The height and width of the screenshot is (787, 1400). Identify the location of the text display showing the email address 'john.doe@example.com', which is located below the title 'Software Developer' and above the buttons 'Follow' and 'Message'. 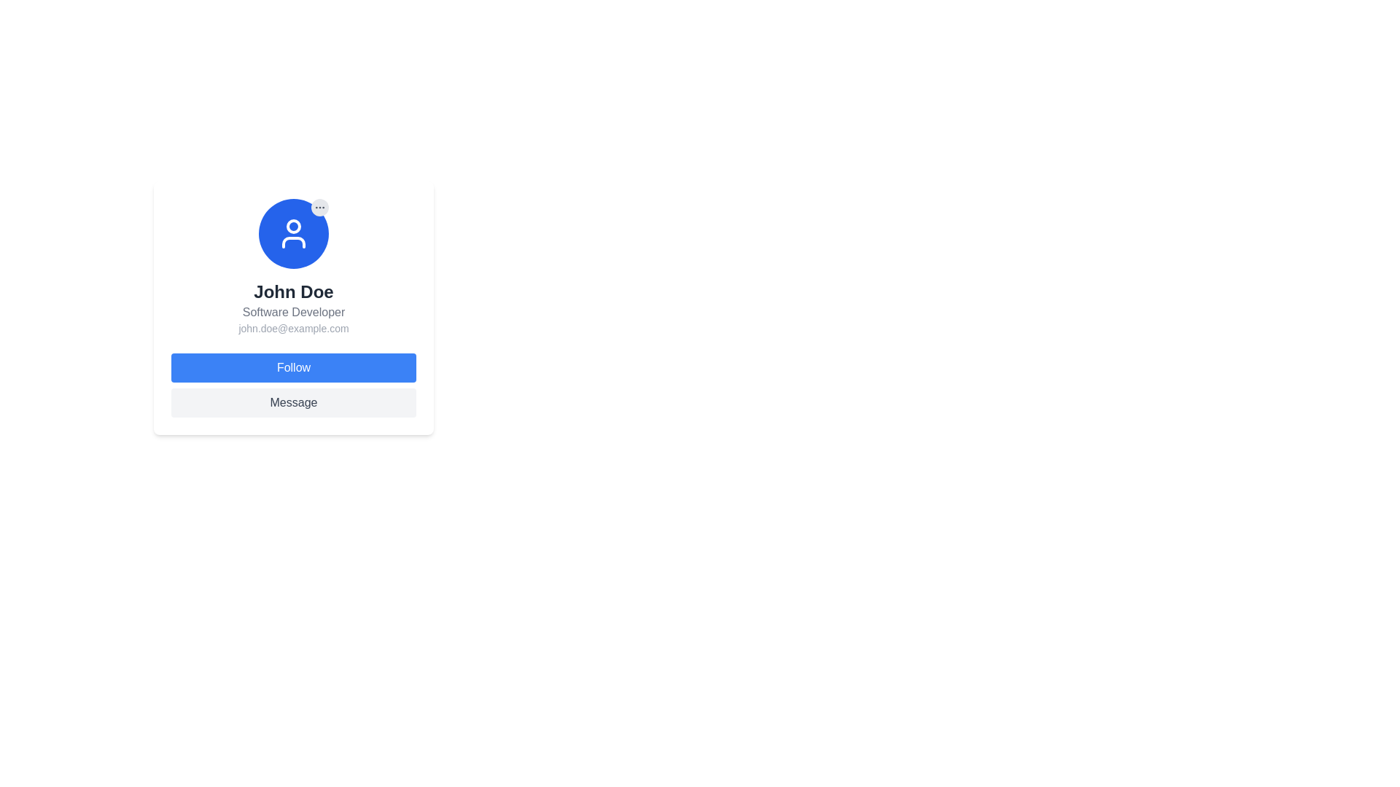
(293, 329).